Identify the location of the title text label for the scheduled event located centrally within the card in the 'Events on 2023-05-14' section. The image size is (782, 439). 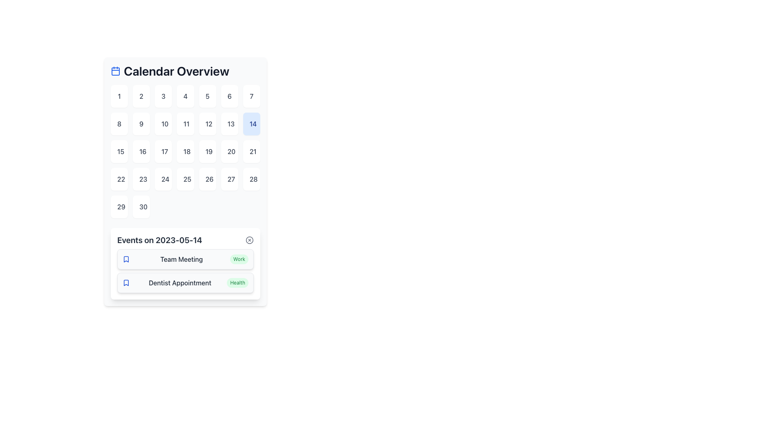
(181, 259).